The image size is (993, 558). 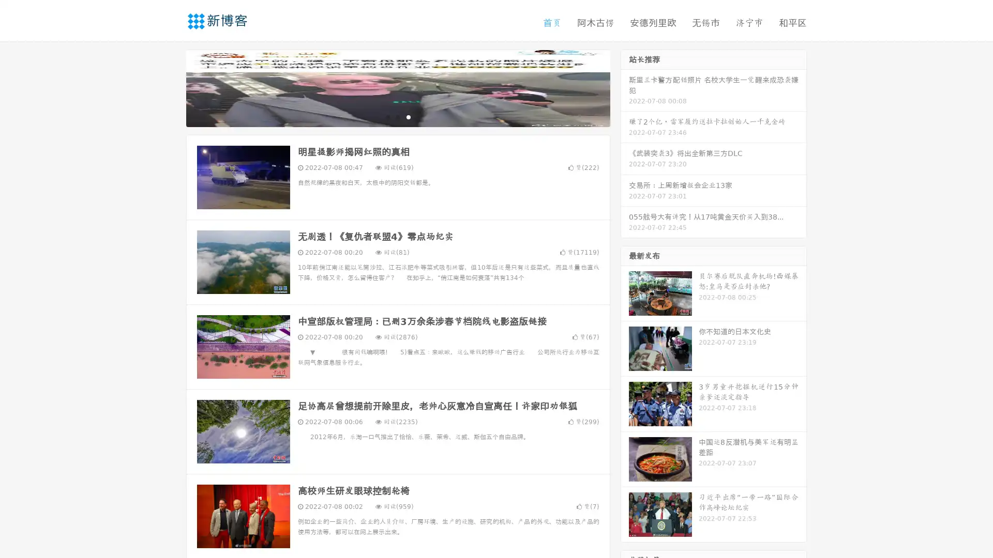 What do you see at coordinates (408, 116) in the screenshot?
I see `Go to slide 3` at bounding box center [408, 116].